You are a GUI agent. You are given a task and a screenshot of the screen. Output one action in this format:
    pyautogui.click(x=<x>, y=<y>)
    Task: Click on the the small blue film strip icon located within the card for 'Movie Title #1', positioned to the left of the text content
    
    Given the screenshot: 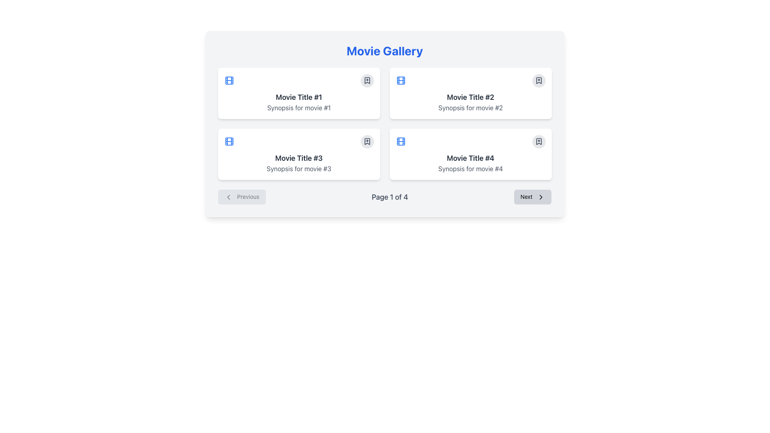 What is the action you would take?
    pyautogui.click(x=229, y=80)
    